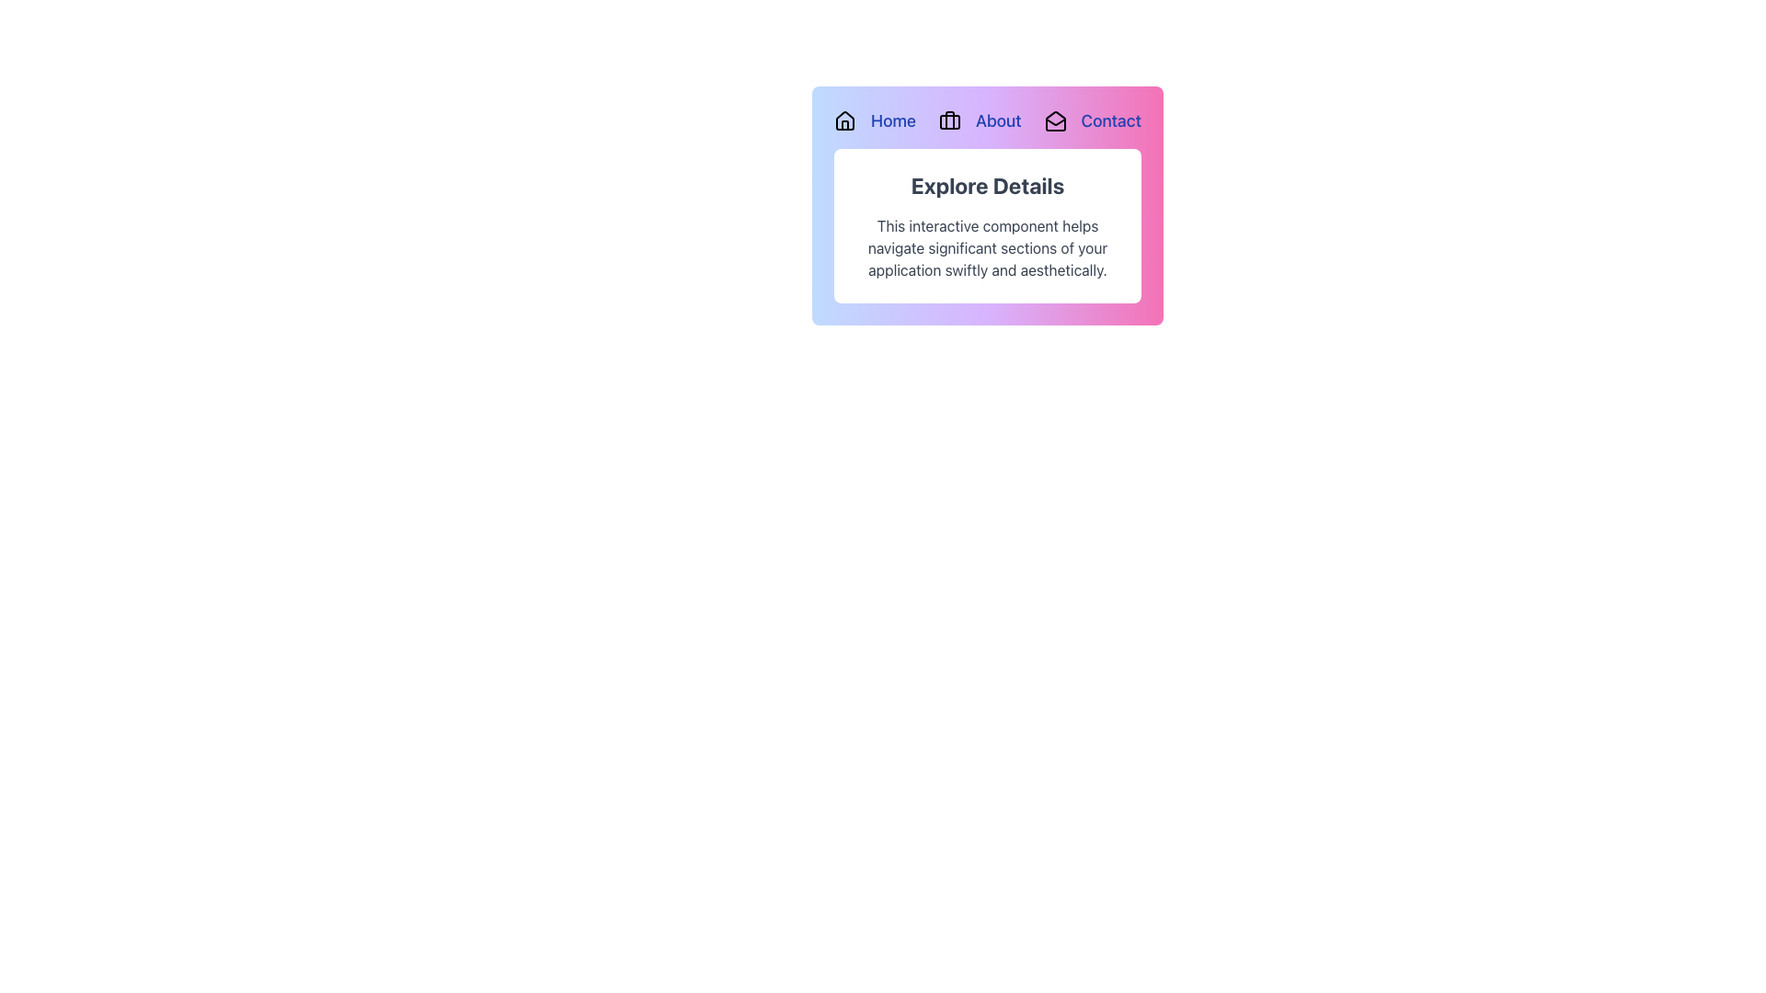 The width and height of the screenshot is (1766, 993). Describe the element at coordinates (1055, 120) in the screenshot. I see `the open envelope icon in the navigation bar located under the 'Contact' link, which is the rightmost icon in the navigation component` at that location.